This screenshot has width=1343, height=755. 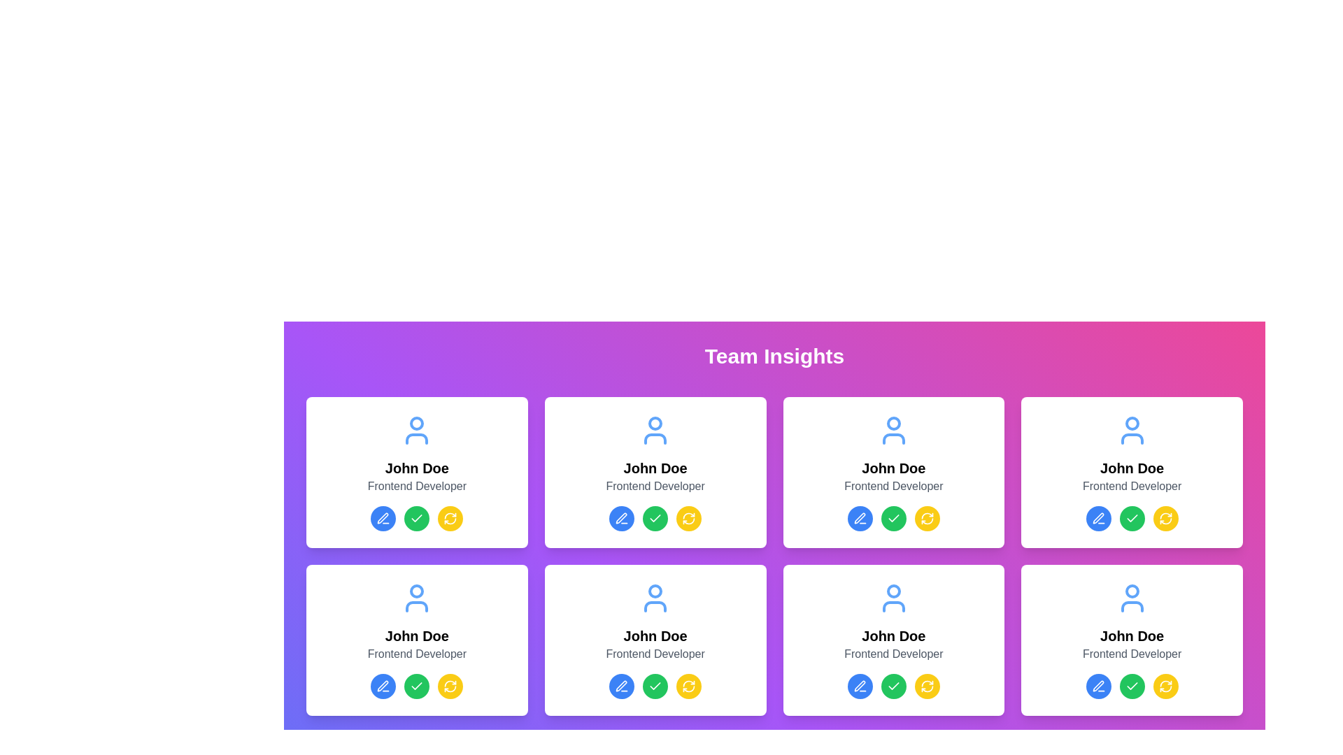 I want to click on the small green circle icon containing a white checkmark to approve or confirm, located in the bottom-right card's action buttons row, so click(x=893, y=686).